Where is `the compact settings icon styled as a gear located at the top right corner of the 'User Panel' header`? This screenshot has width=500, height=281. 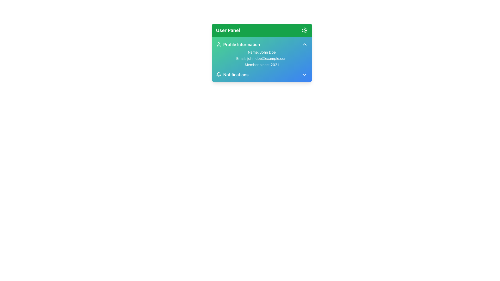
the compact settings icon styled as a gear located at the top right corner of the 'User Panel' header is located at coordinates (304, 30).